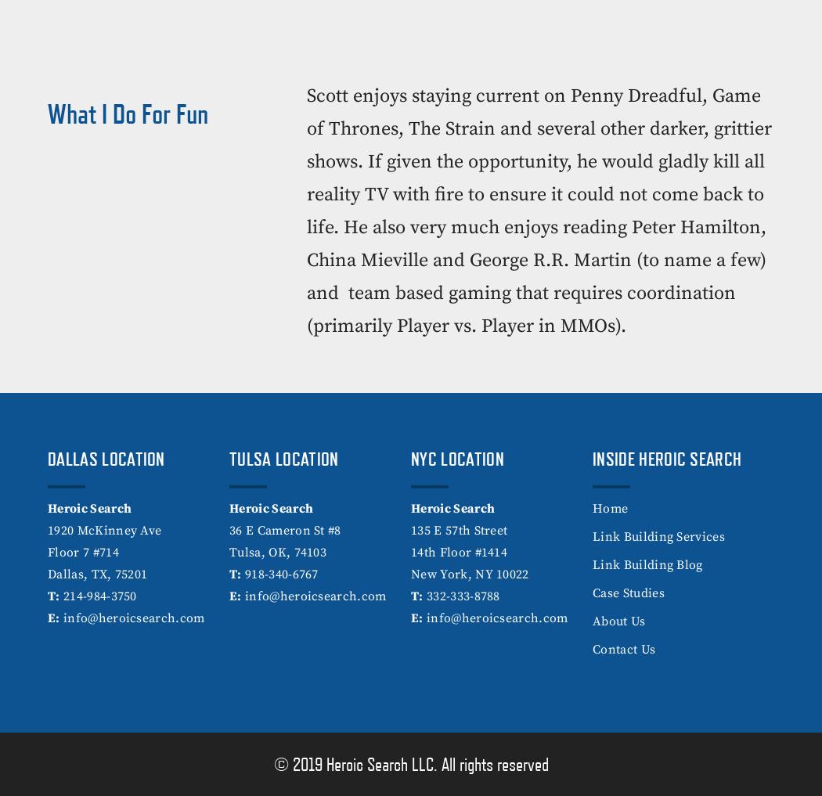  What do you see at coordinates (279, 573) in the screenshot?
I see `'918-340-6767'` at bounding box center [279, 573].